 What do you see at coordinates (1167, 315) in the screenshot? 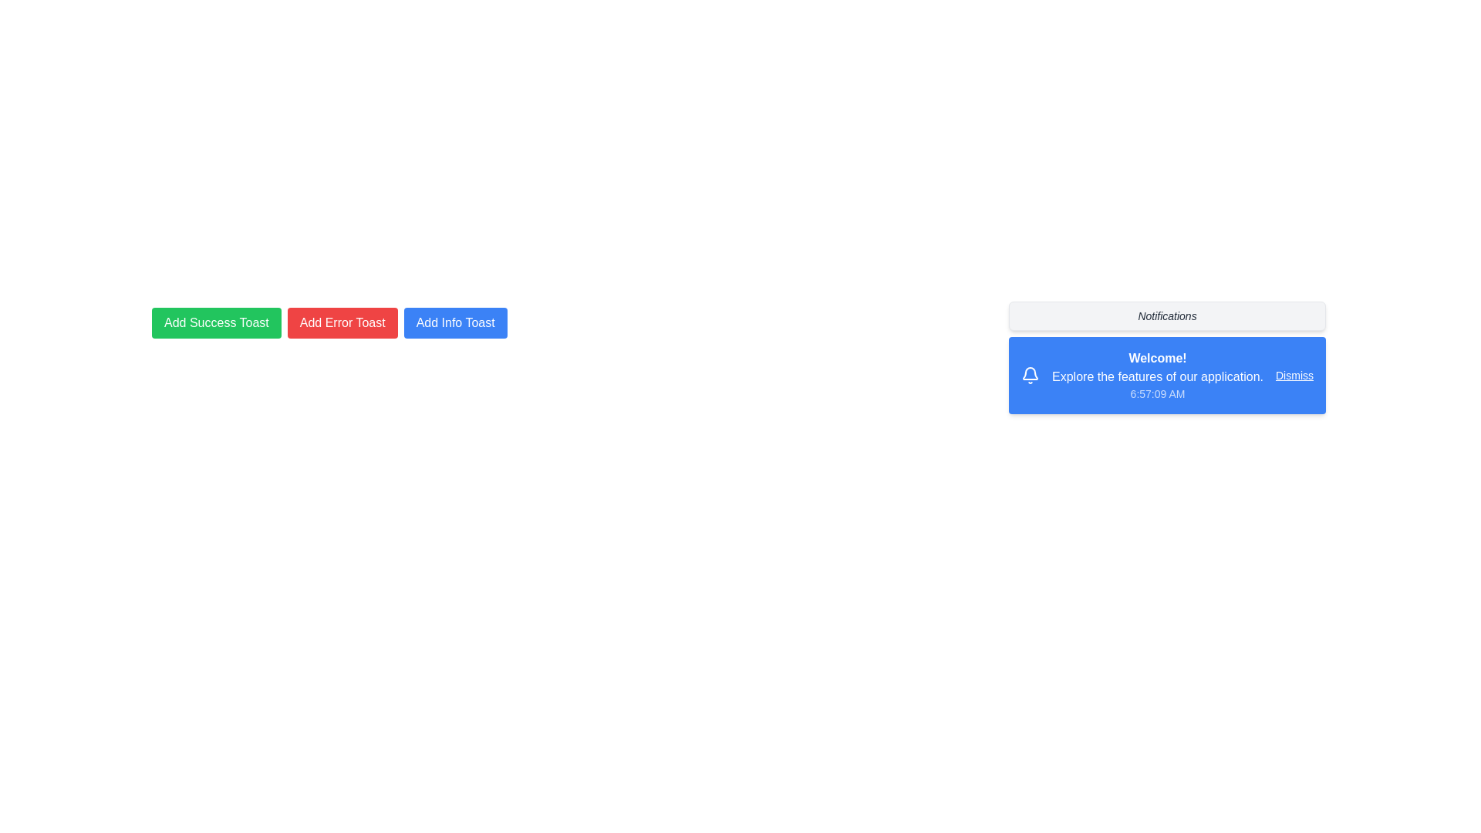
I see `the 'Notifications' text header element, which is a rectangular notification header with a light gray background and rounded corners, featuring italicized text in dark gray` at bounding box center [1167, 315].